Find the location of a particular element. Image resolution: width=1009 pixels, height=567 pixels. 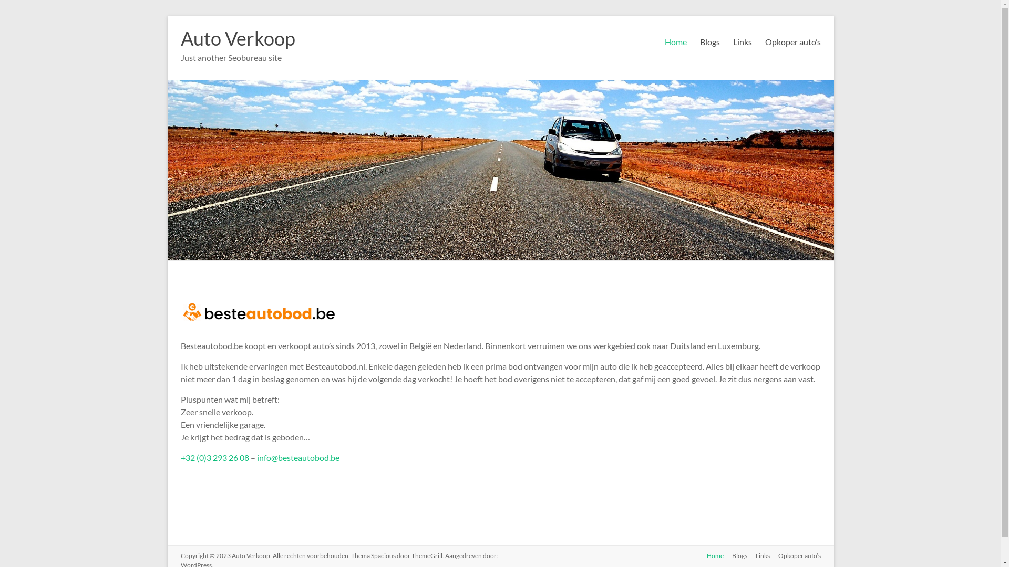

'Auto Verkoop' is located at coordinates (237, 38).